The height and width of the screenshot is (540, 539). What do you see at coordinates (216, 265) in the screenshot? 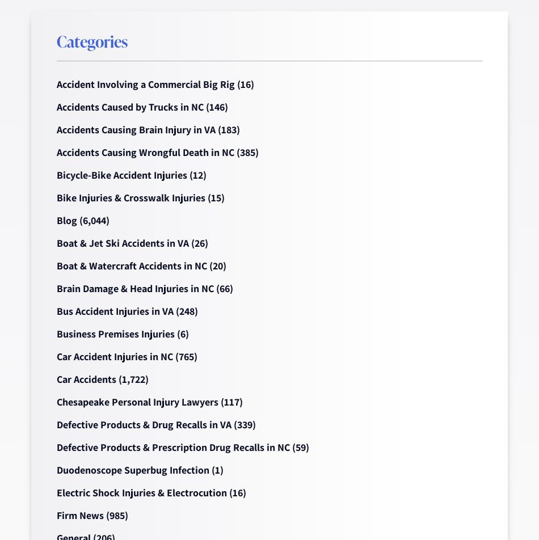
I see `'(20)'` at bounding box center [216, 265].